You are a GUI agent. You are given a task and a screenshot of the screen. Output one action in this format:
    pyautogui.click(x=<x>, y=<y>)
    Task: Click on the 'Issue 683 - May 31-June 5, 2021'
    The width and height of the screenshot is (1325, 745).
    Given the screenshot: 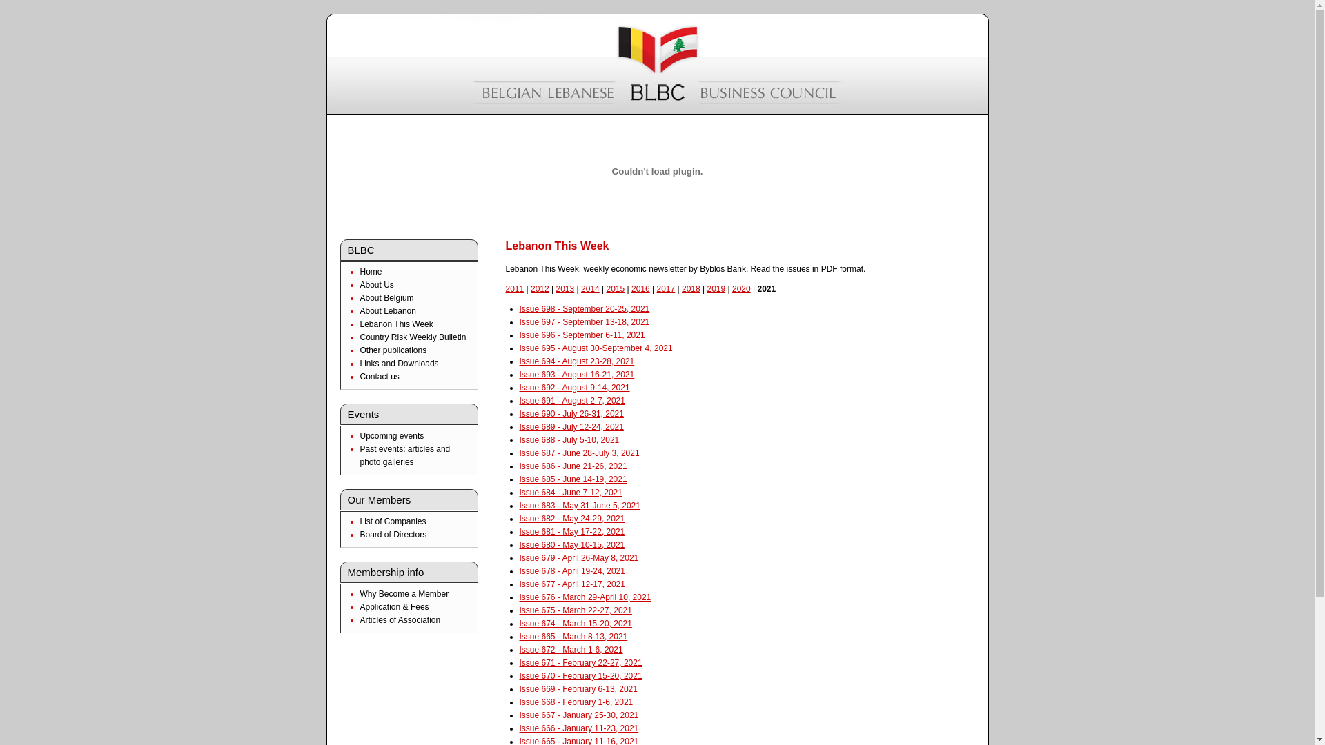 What is the action you would take?
    pyautogui.click(x=579, y=505)
    